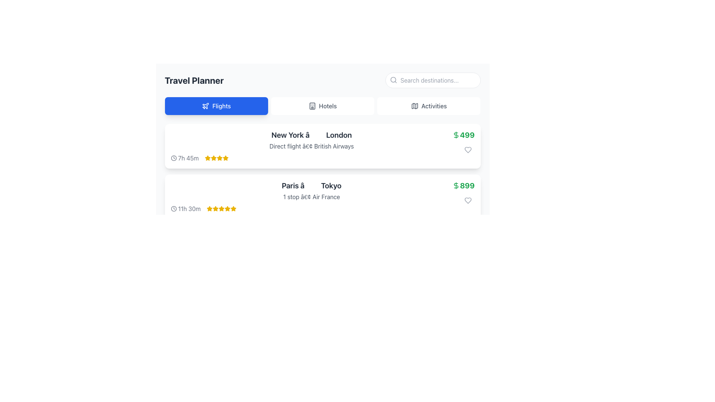 The image size is (715, 402). Describe the element at coordinates (311, 146) in the screenshot. I see `the text label that specifies additional flight details indicating that the flight is direct and operated by British Airways, located between the main route description and the flight duration` at that location.